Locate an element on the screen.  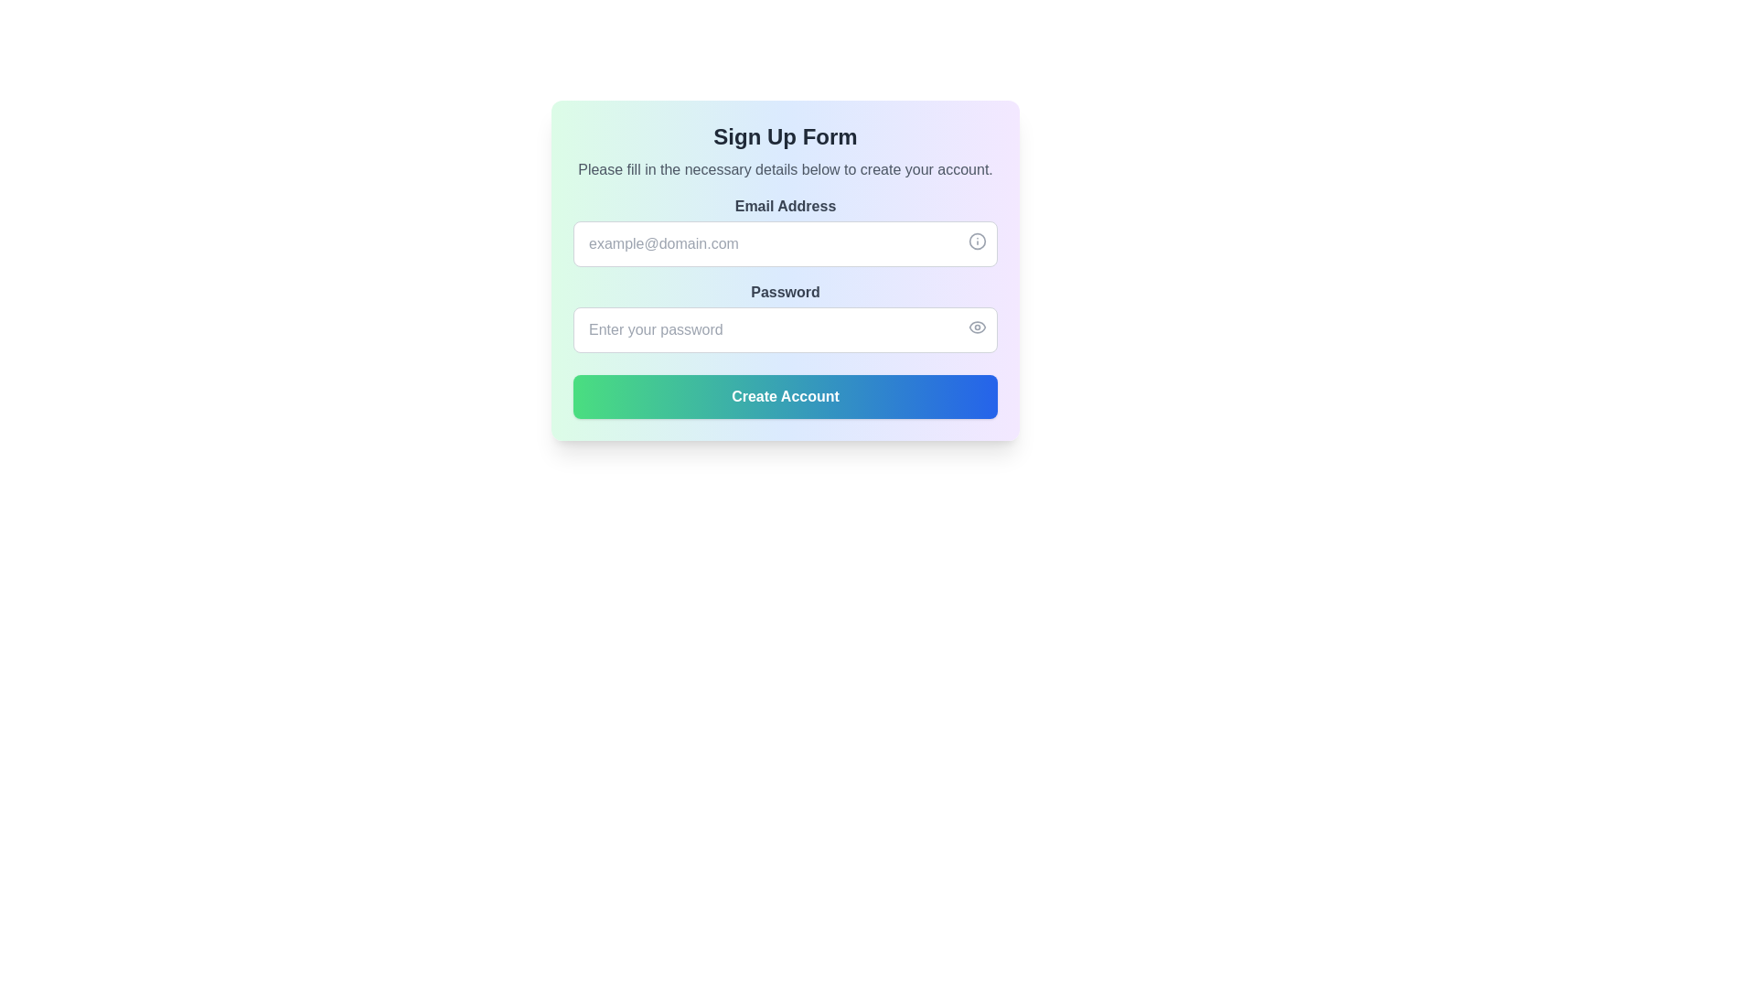
the password input field is located at coordinates (786, 317).